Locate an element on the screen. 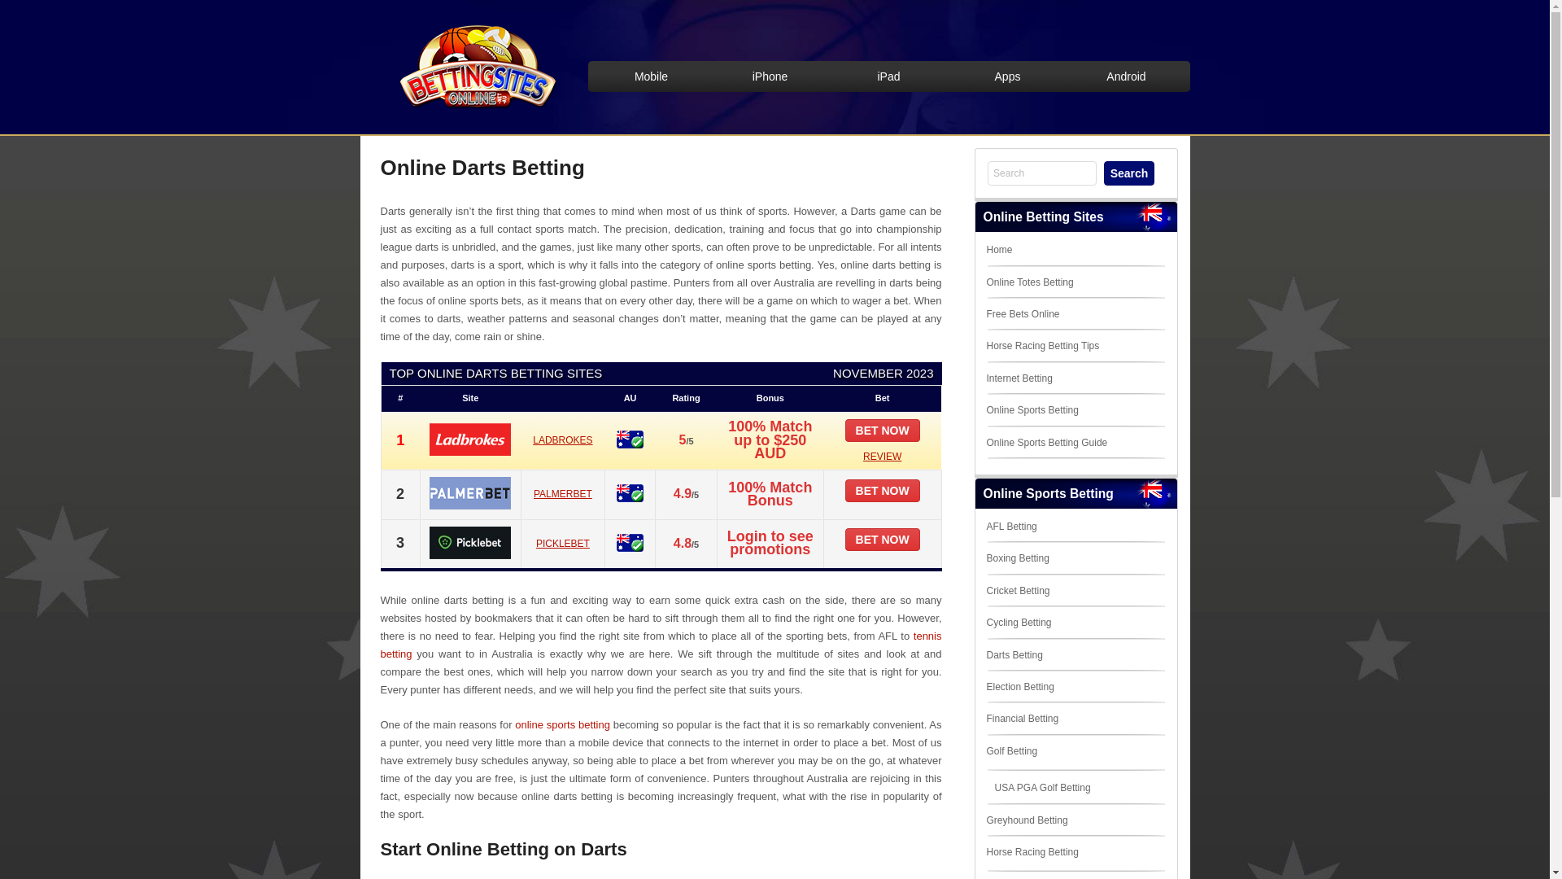 The image size is (1562, 879). 'Home' is located at coordinates (998, 250).